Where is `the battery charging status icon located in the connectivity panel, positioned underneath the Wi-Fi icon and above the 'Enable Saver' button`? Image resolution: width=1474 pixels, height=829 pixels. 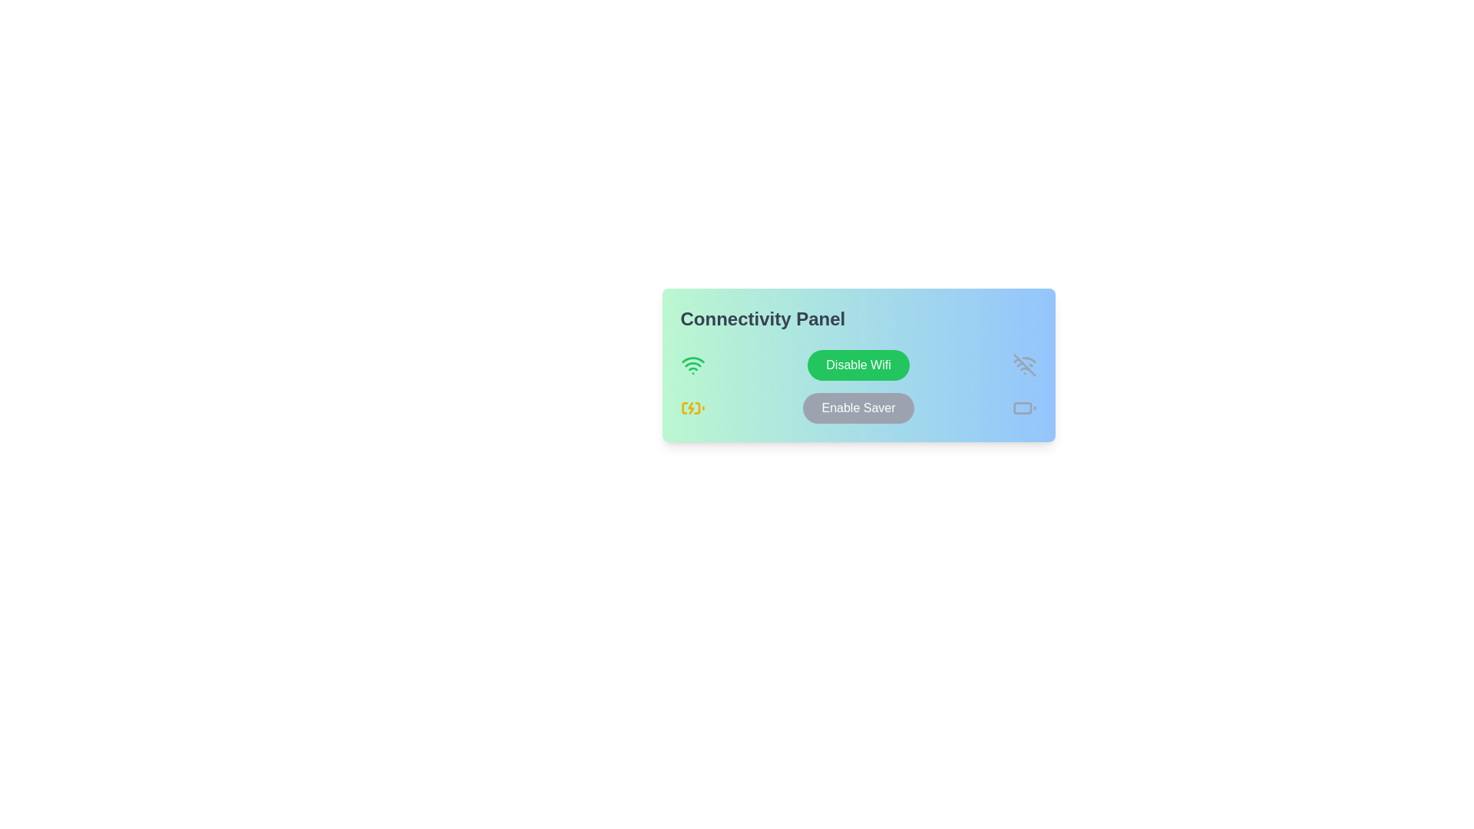 the battery charging status icon located in the connectivity panel, positioned underneath the Wi-Fi icon and above the 'Enable Saver' button is located at coordinates (692, 408).